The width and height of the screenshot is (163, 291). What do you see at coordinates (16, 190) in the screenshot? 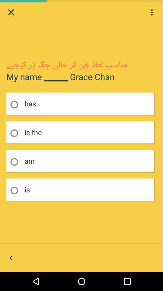
I see `answer is` at bounding box center [16, 190].